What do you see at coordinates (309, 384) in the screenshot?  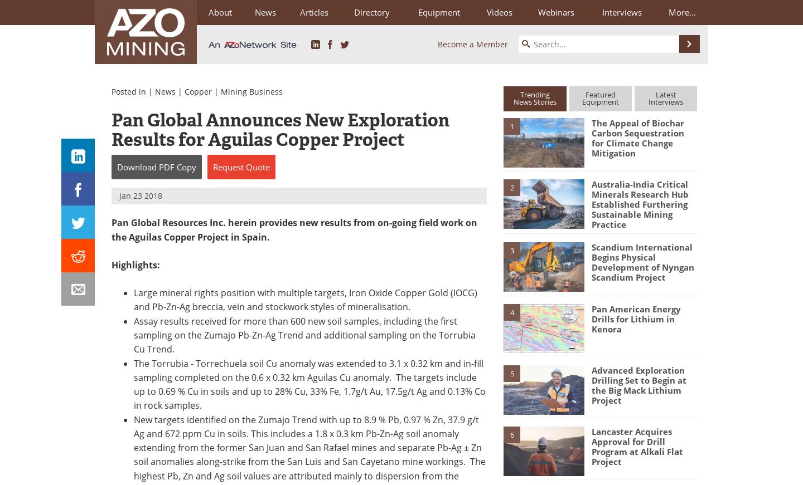 I see `'The Torrubia - Torrechuela soil Cu anomaly was extended to 3.1 x 0.32 km and in-fill sampling completed on the 0.6 x 0.32 km Aguilas Cu anomaly.  The targets include up to 0.69 % Cu in soils and up to 28% Cu, 33% Fe, 1.7g/t Au, 17.5g/t Ag and 0.13% Co in rock samples.'` at bounding box center [309, 384].